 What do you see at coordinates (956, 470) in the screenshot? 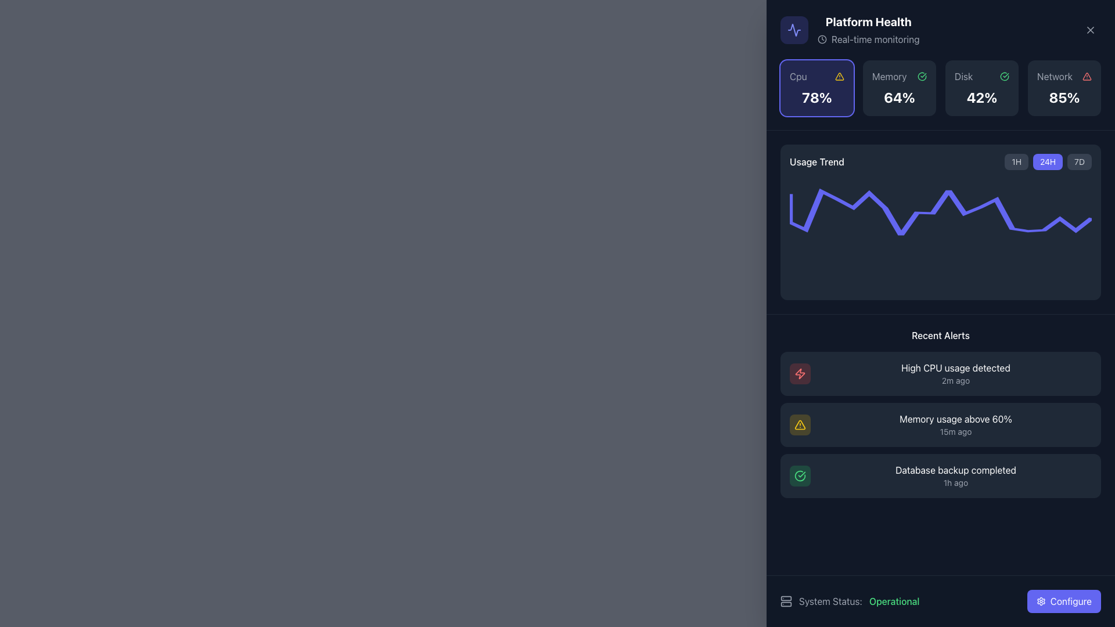
I see `text of the notification message indicating that a database backup operation has been successfully completed, which is located in the 'Recent Alerts' section, specifically the third notification block above the '1h ago' subtext and next to the green checkmark icon` at bounding box center [956, 470].